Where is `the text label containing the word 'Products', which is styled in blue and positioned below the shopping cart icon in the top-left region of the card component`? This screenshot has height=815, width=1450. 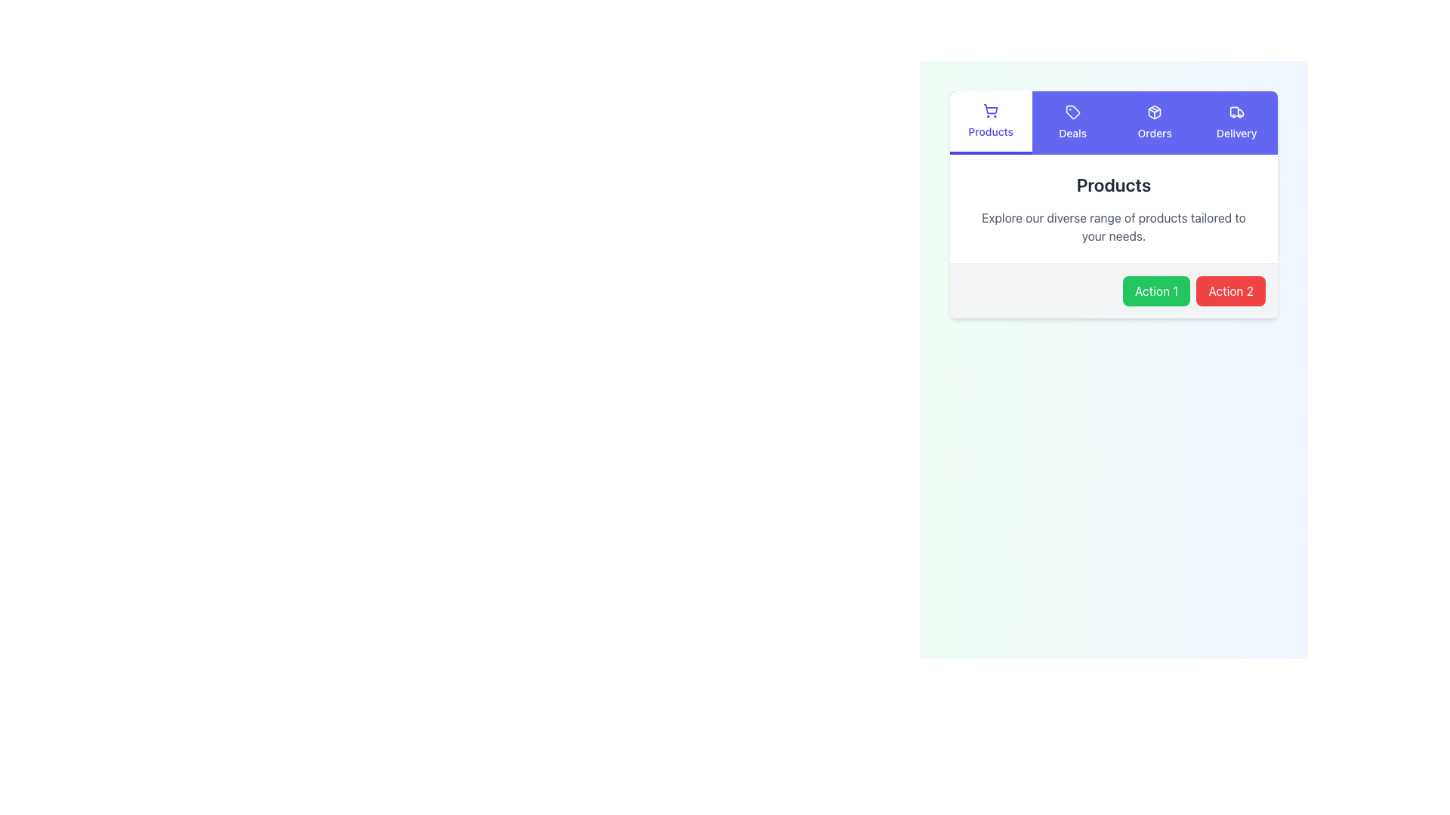
the text label containing the word 'Products', which is styled in blue and positioned below the shopping cart icon in the top-left region of the card component is located at coordinates (991, 131).